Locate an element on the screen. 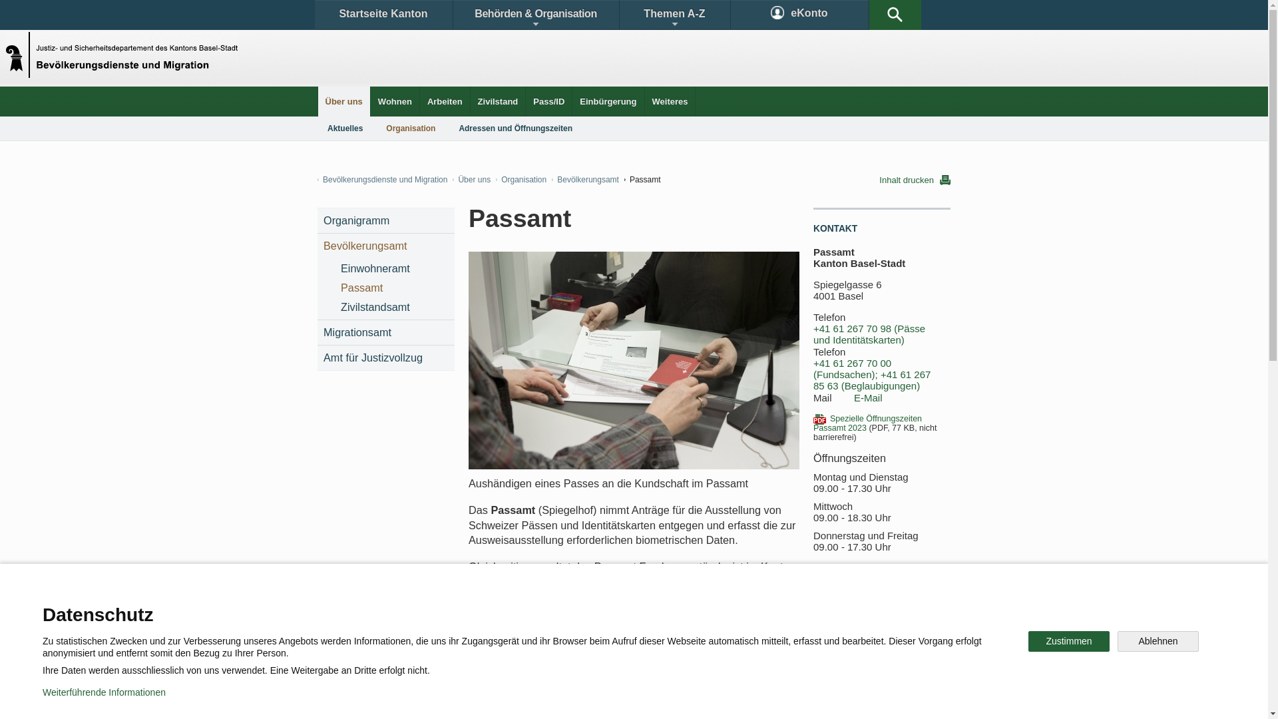 The image size is (1278, 719). 'Organisation' is located at coordinates (410, 128).